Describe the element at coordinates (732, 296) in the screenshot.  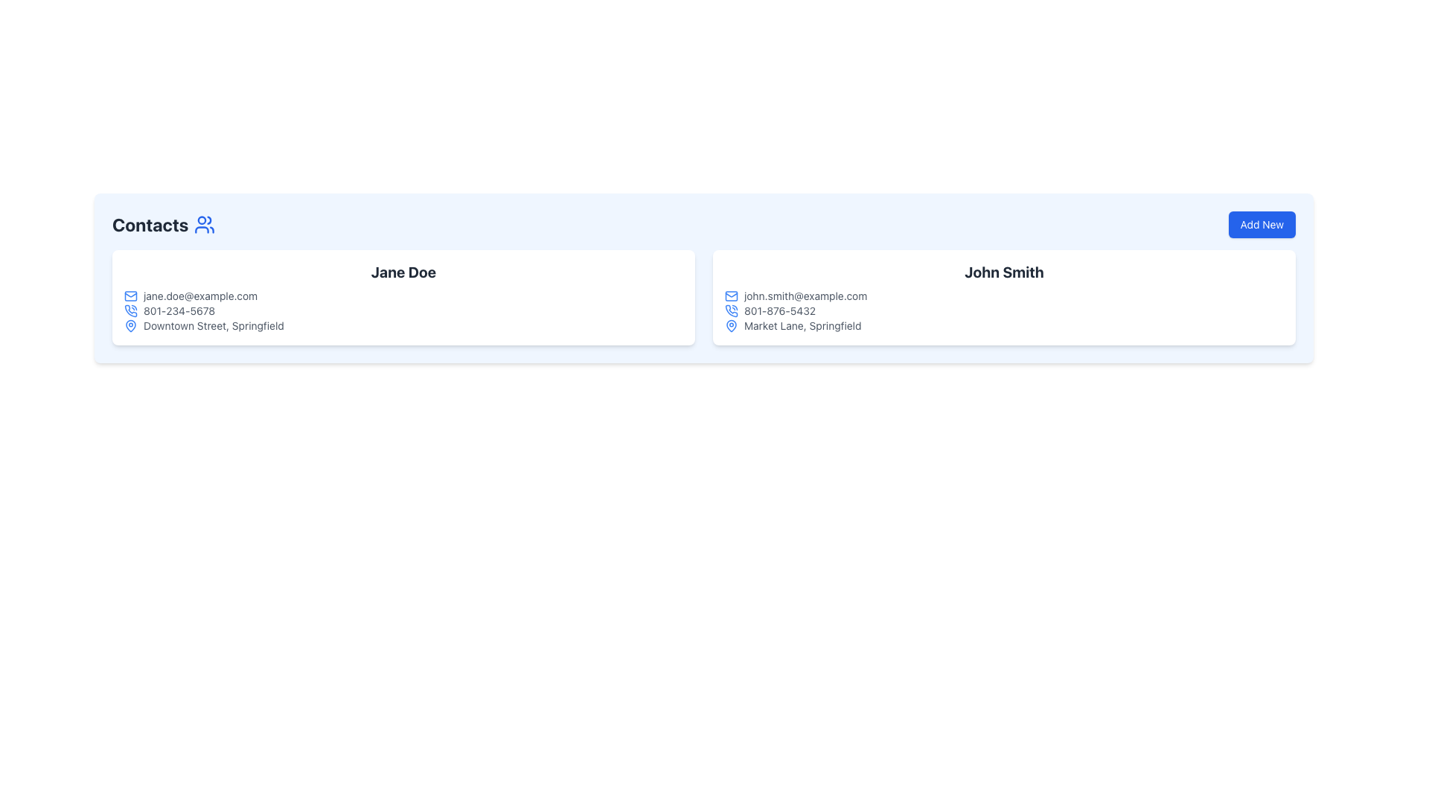
I see `the rectangular shape representing the main body of the envelope icon in the contact card for 'John Smith.'` at that location.